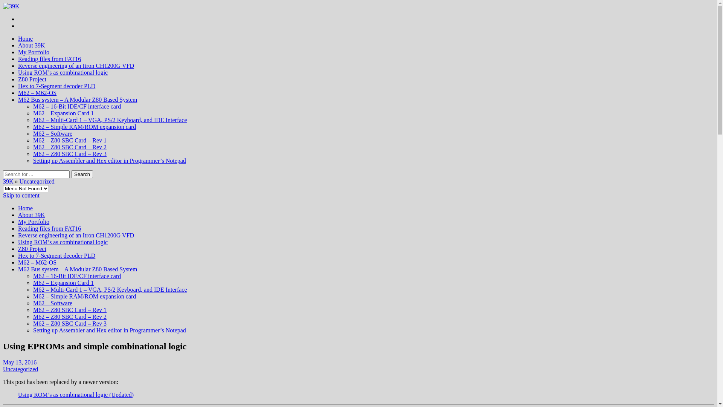 The image size is (723, 407). Describe the element at coordinates (76, 65) in the screenshot. I see `'Reverse engineering of an Itron CH1200G VFD'` at that location.